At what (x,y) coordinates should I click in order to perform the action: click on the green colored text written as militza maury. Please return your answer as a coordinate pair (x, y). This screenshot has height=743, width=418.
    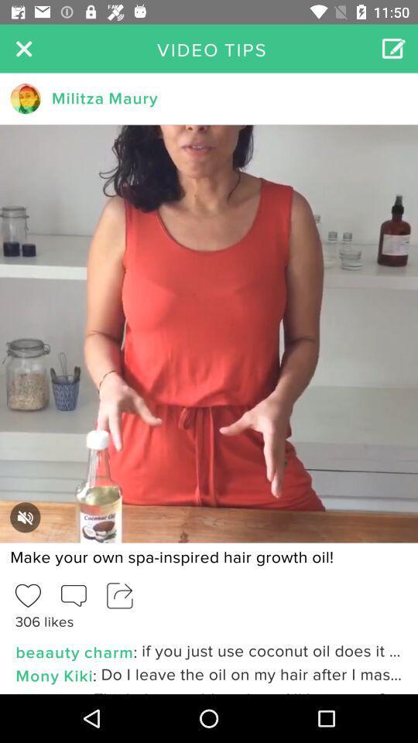
    Looking at the image, I should click on (104, 98).